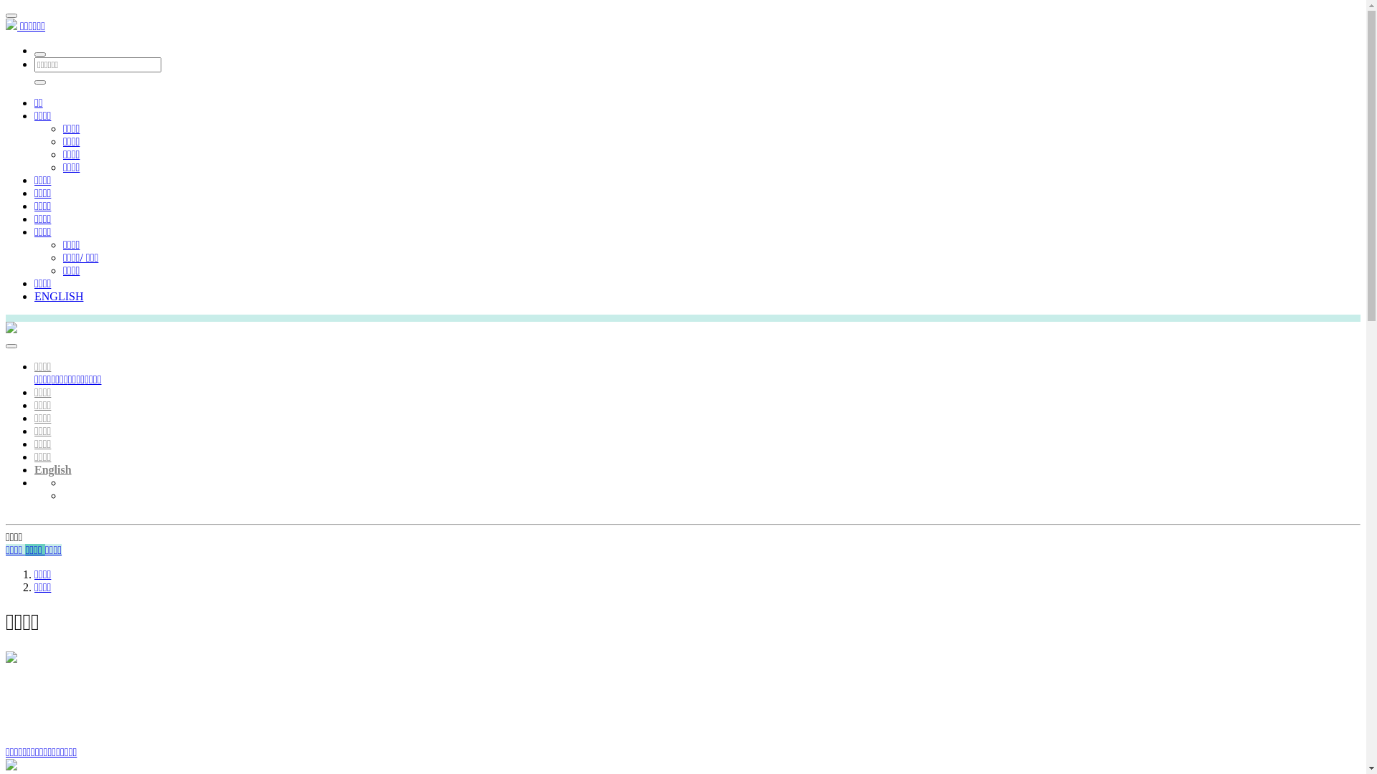 Image resolution: width=1377 pixels, height=774 pixels. Describe the element at coordinates (57, 295) in the screenshot. I see `'ENGLISH'` at that location.